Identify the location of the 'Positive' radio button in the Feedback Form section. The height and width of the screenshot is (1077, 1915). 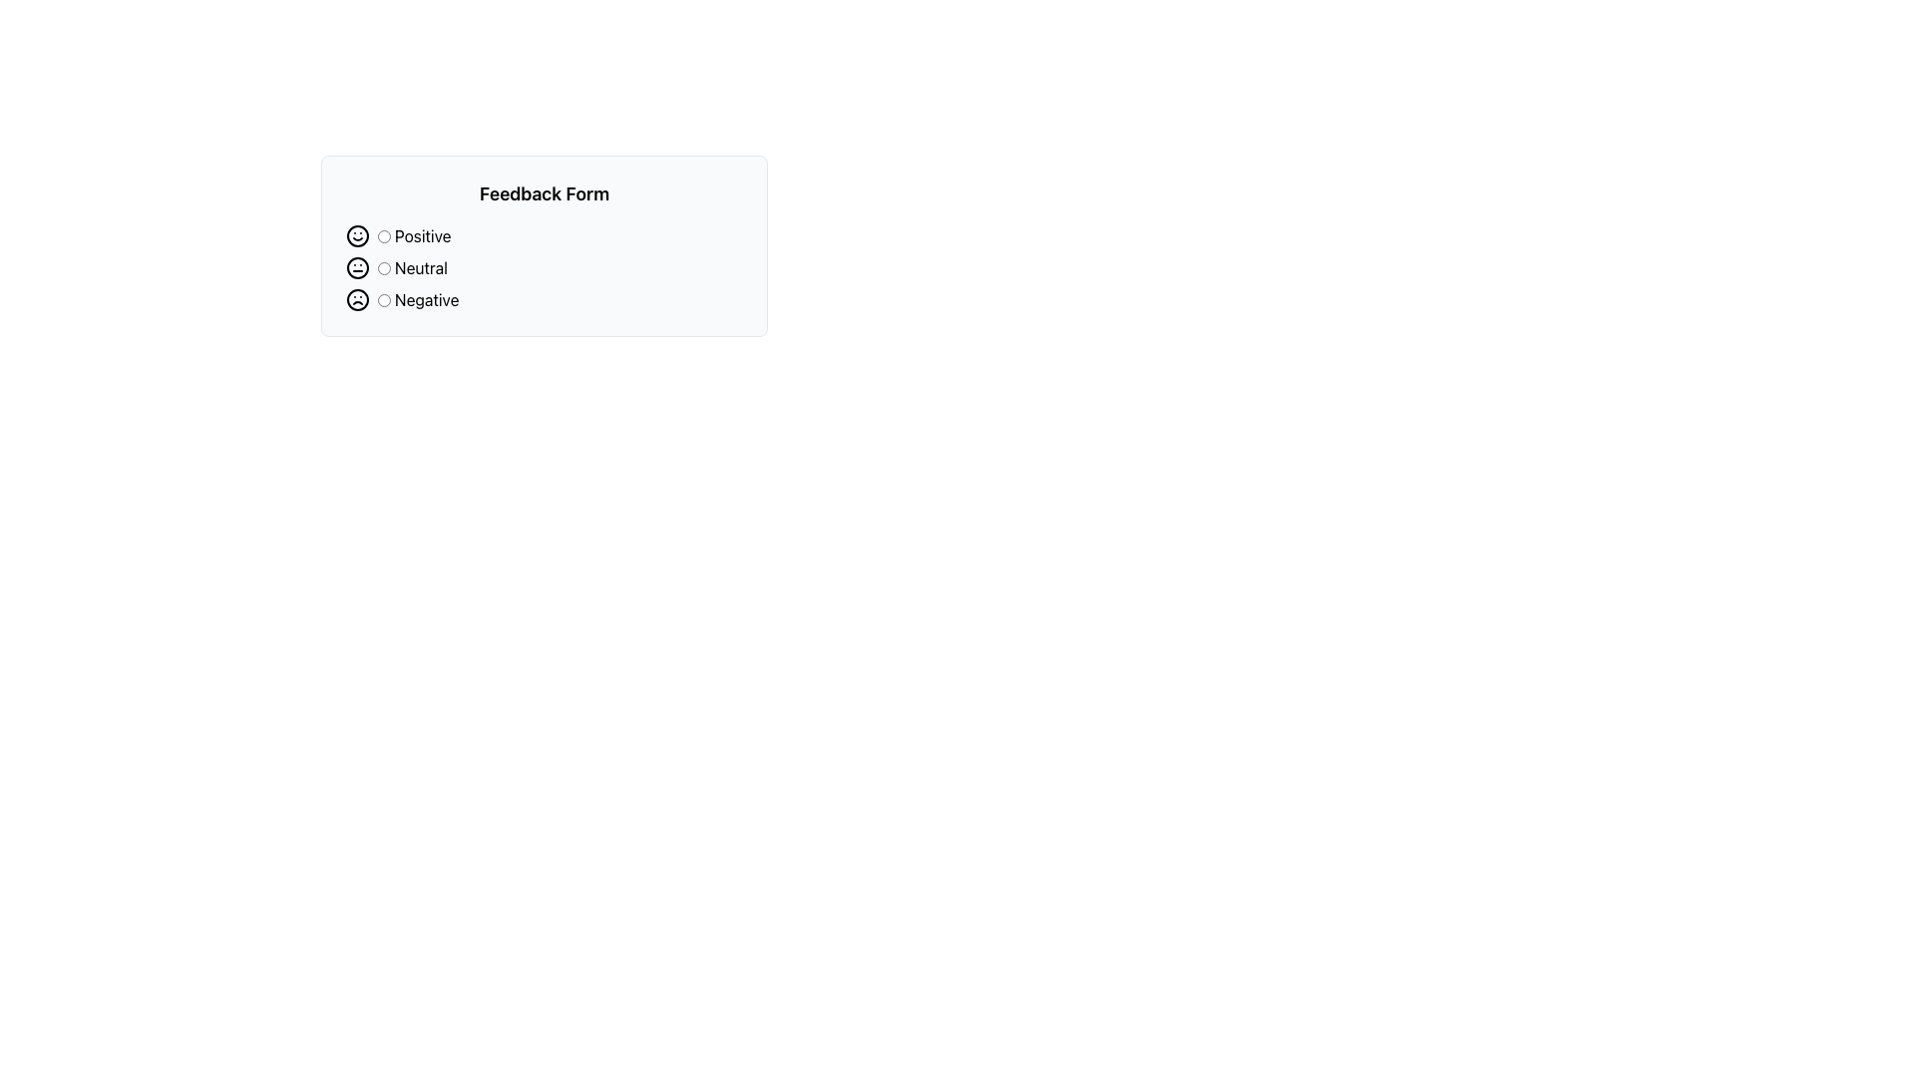
(545, 234).